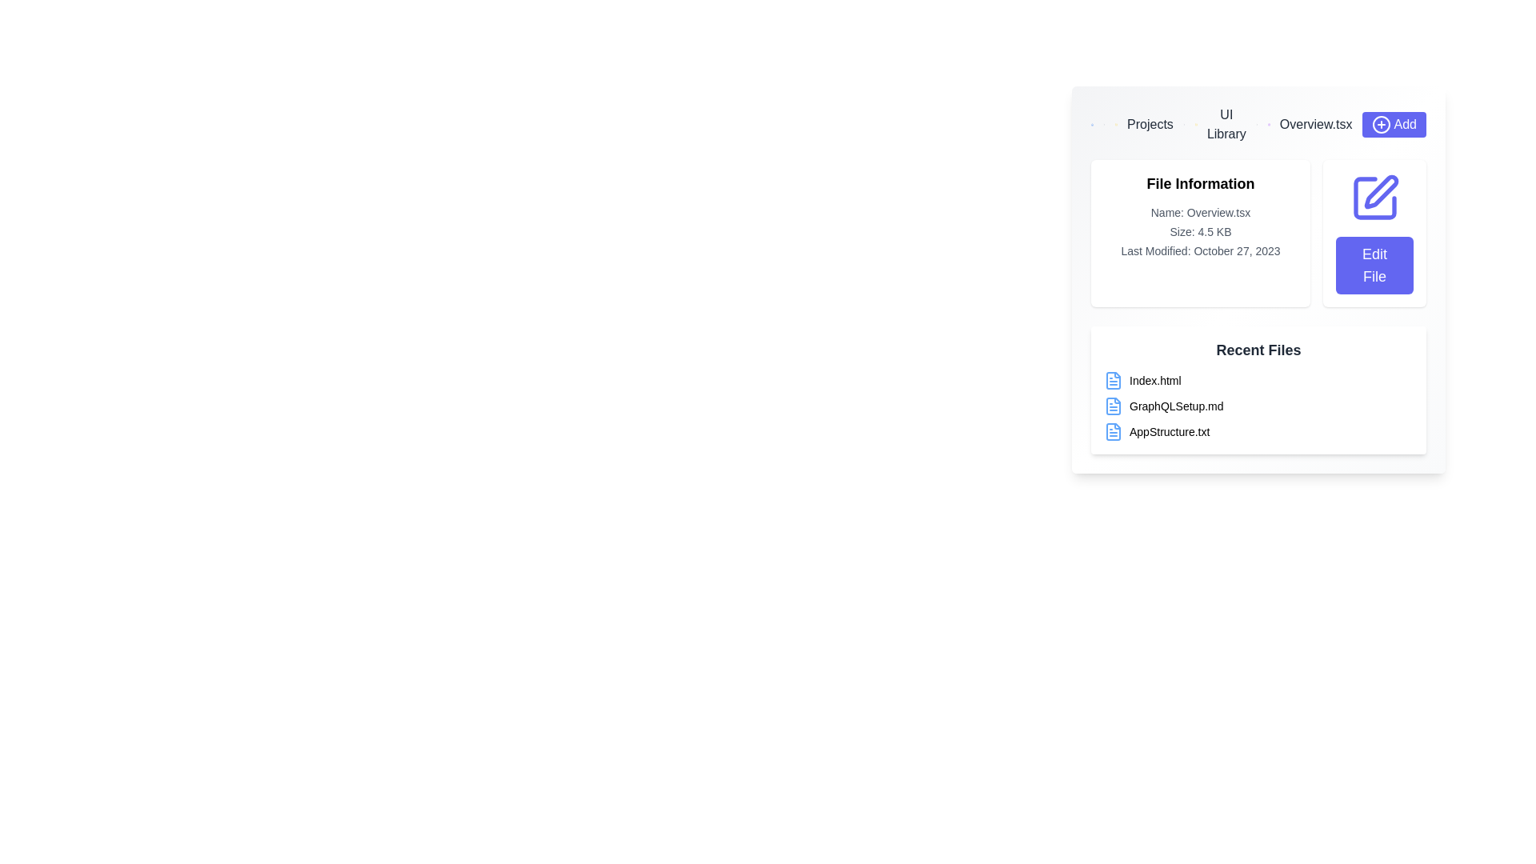 The image size is (1536, 864). I want to click on the 'GraphQLSetup.md' file link, so click(1176, 406).